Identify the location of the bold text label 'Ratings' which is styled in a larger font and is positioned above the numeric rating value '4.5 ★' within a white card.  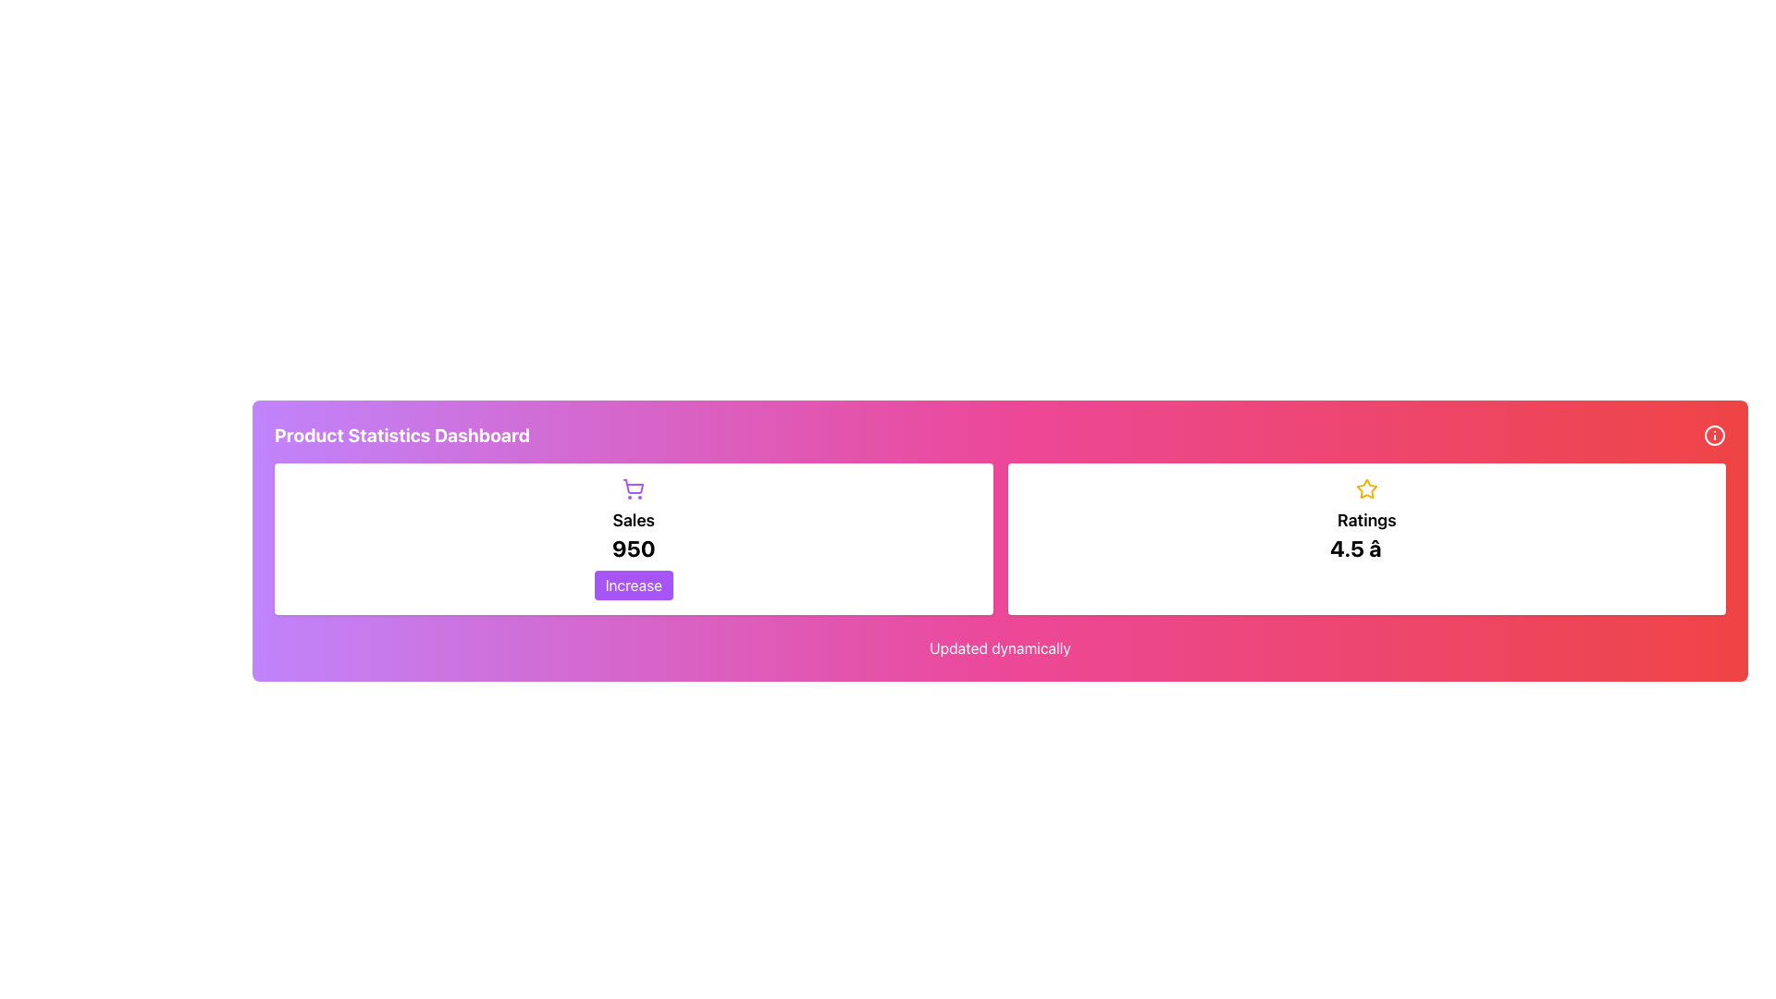
(1366, 521).